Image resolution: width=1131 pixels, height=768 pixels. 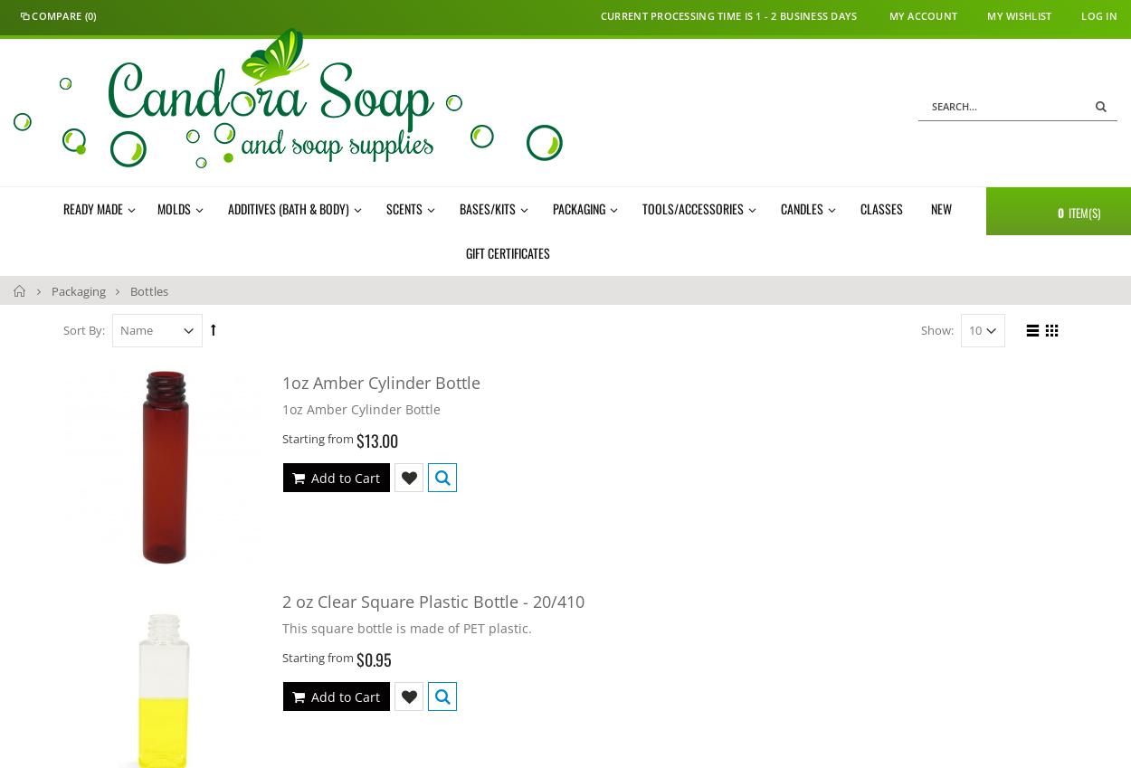 I want to click on '$0.95', so click(x=374, y=659).